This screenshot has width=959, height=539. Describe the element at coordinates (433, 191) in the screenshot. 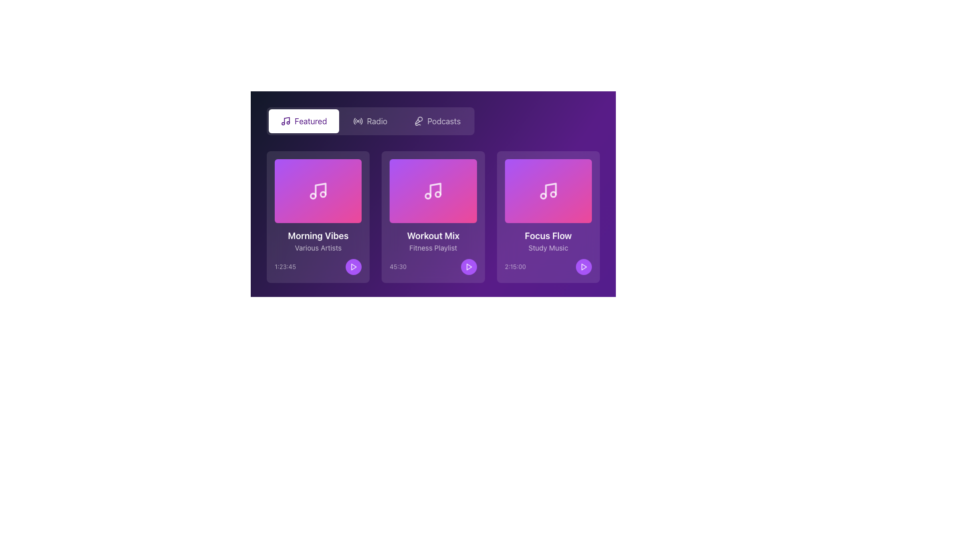

I see `the graphical music icon, which features a white musical note on a semi-transparent background, located in the central card titled 'Workout Mix'` at that location.